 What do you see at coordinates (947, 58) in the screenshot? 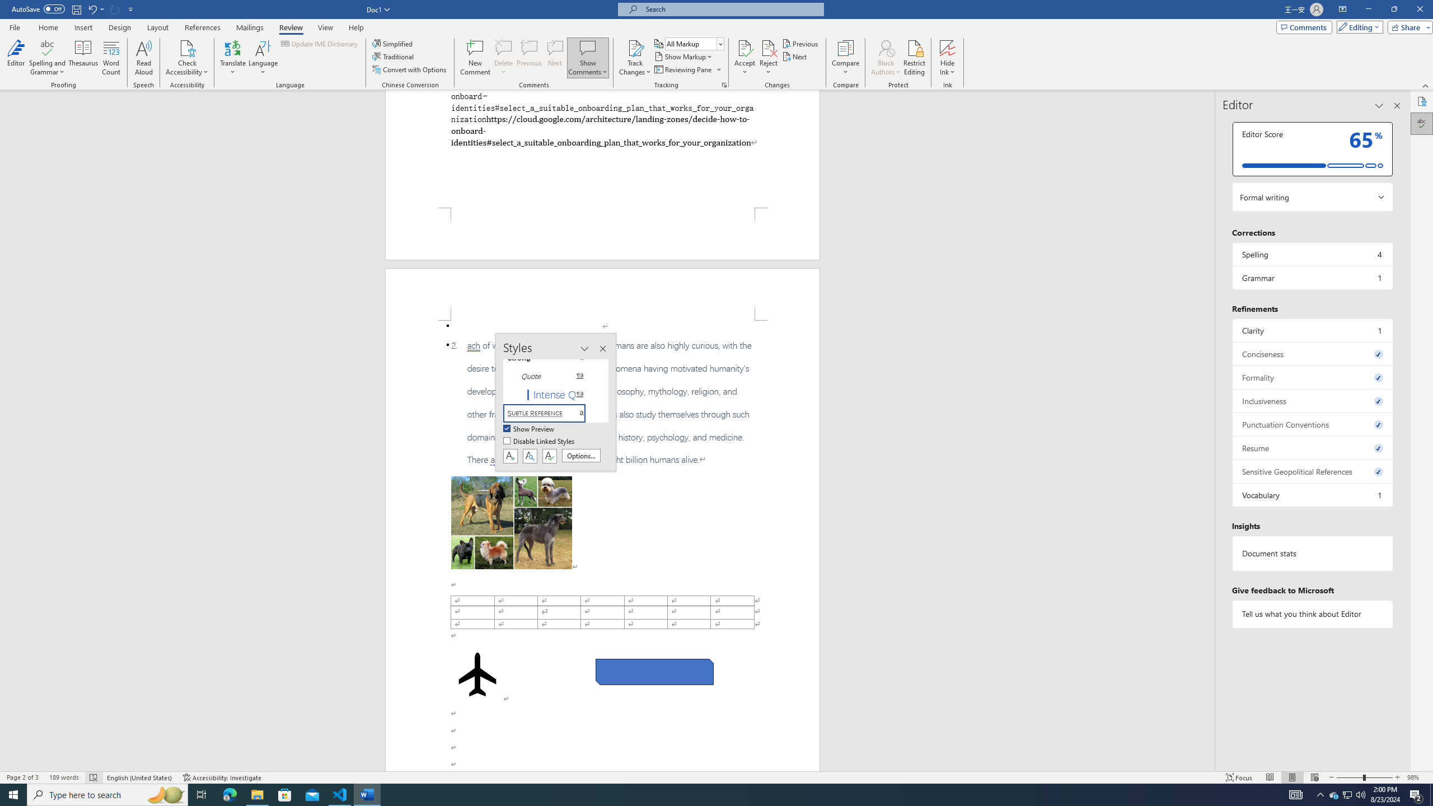
I see `'Hide Ink'` at bounding box center [947, 58].